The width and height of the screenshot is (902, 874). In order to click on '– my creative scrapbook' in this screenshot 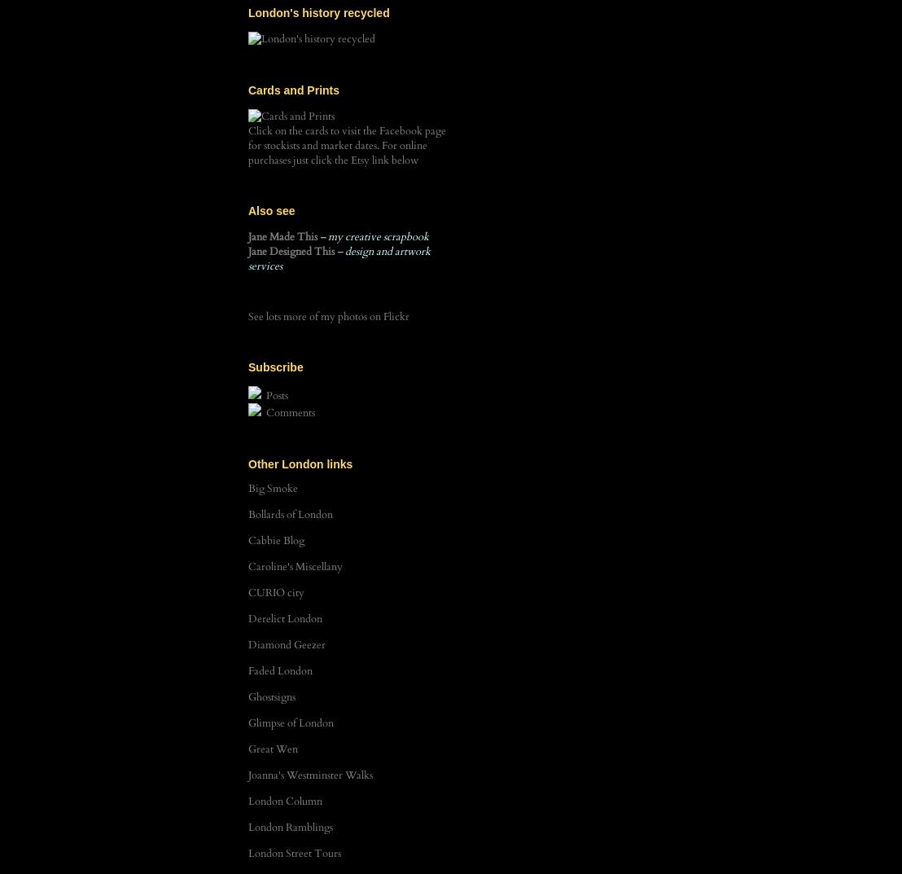, I will do `click(374, 235)`.